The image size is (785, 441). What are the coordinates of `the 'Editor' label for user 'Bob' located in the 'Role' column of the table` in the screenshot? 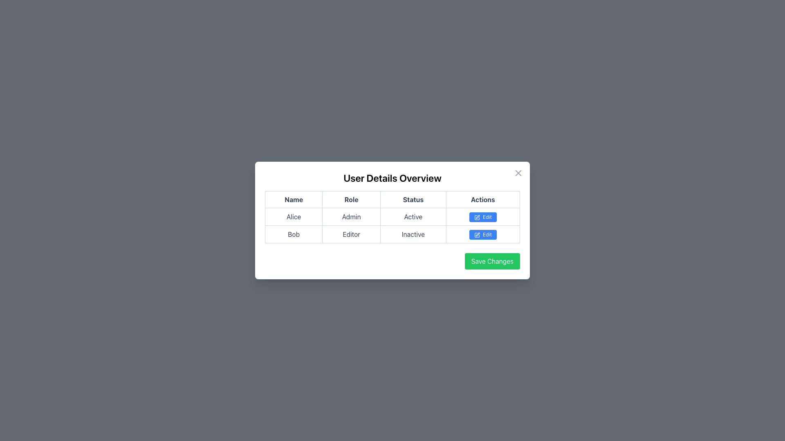 It's located at (351, 234).